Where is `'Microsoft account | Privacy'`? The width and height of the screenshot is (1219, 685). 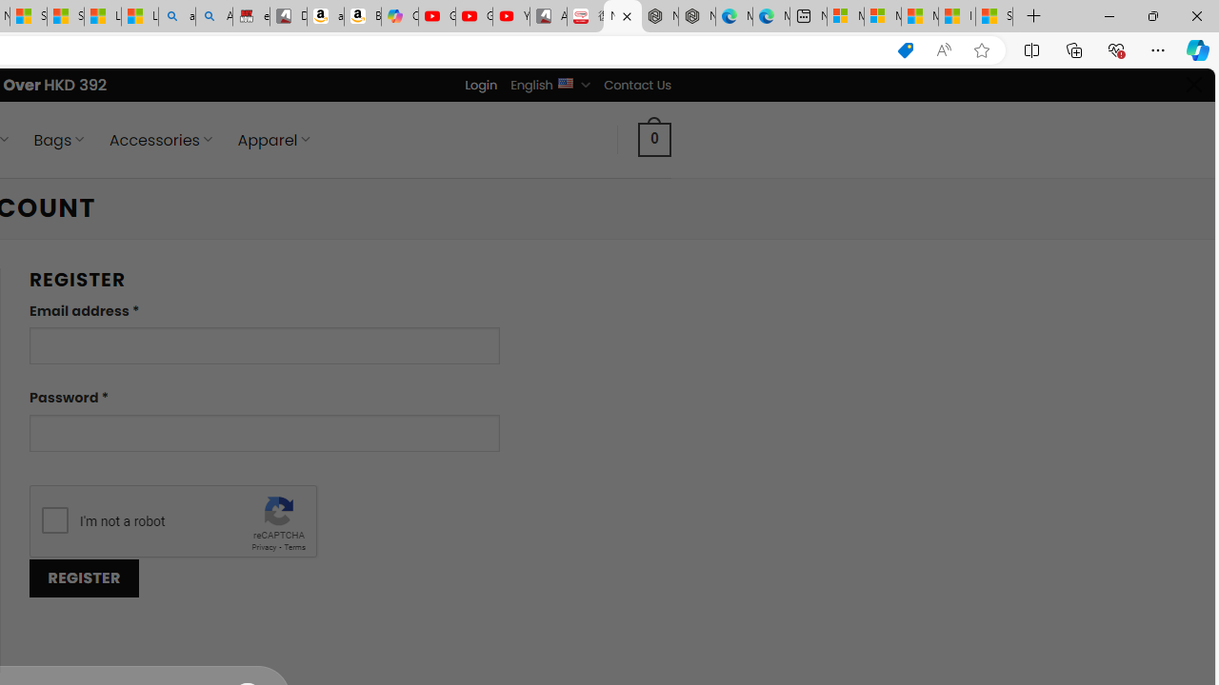 'Microsoft account | Privacy' is located at coordinates (881, 16).